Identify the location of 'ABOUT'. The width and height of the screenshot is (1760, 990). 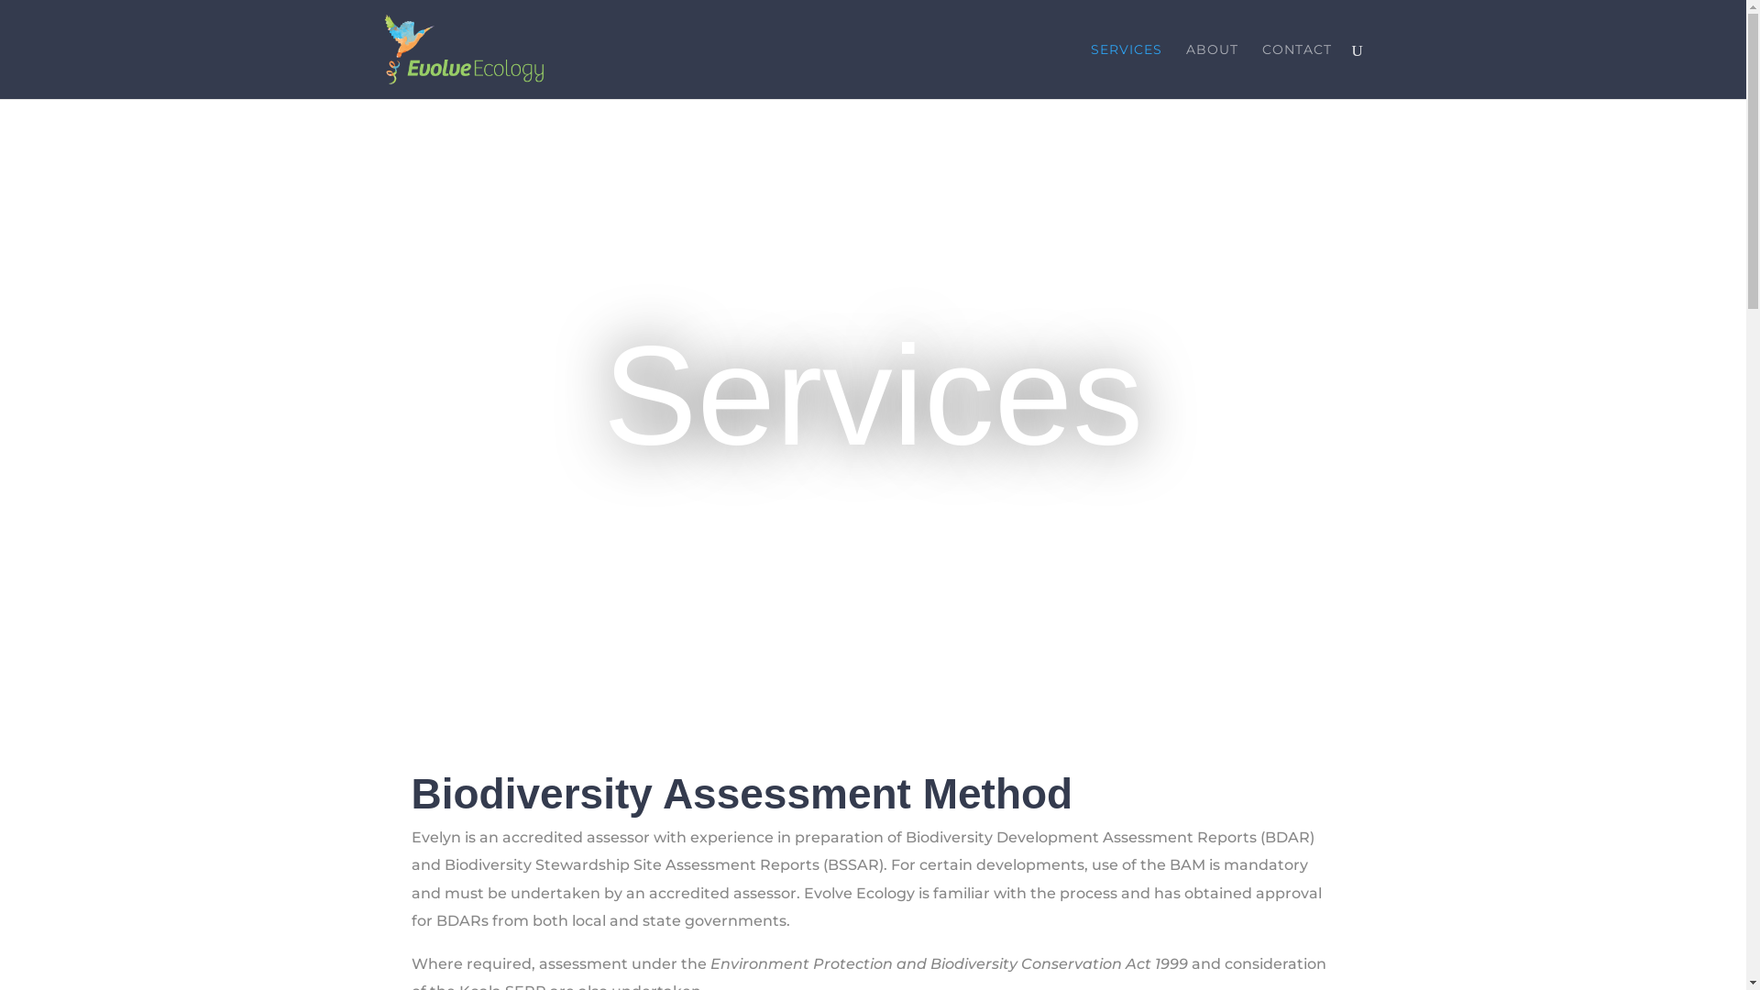
(1212, 70).